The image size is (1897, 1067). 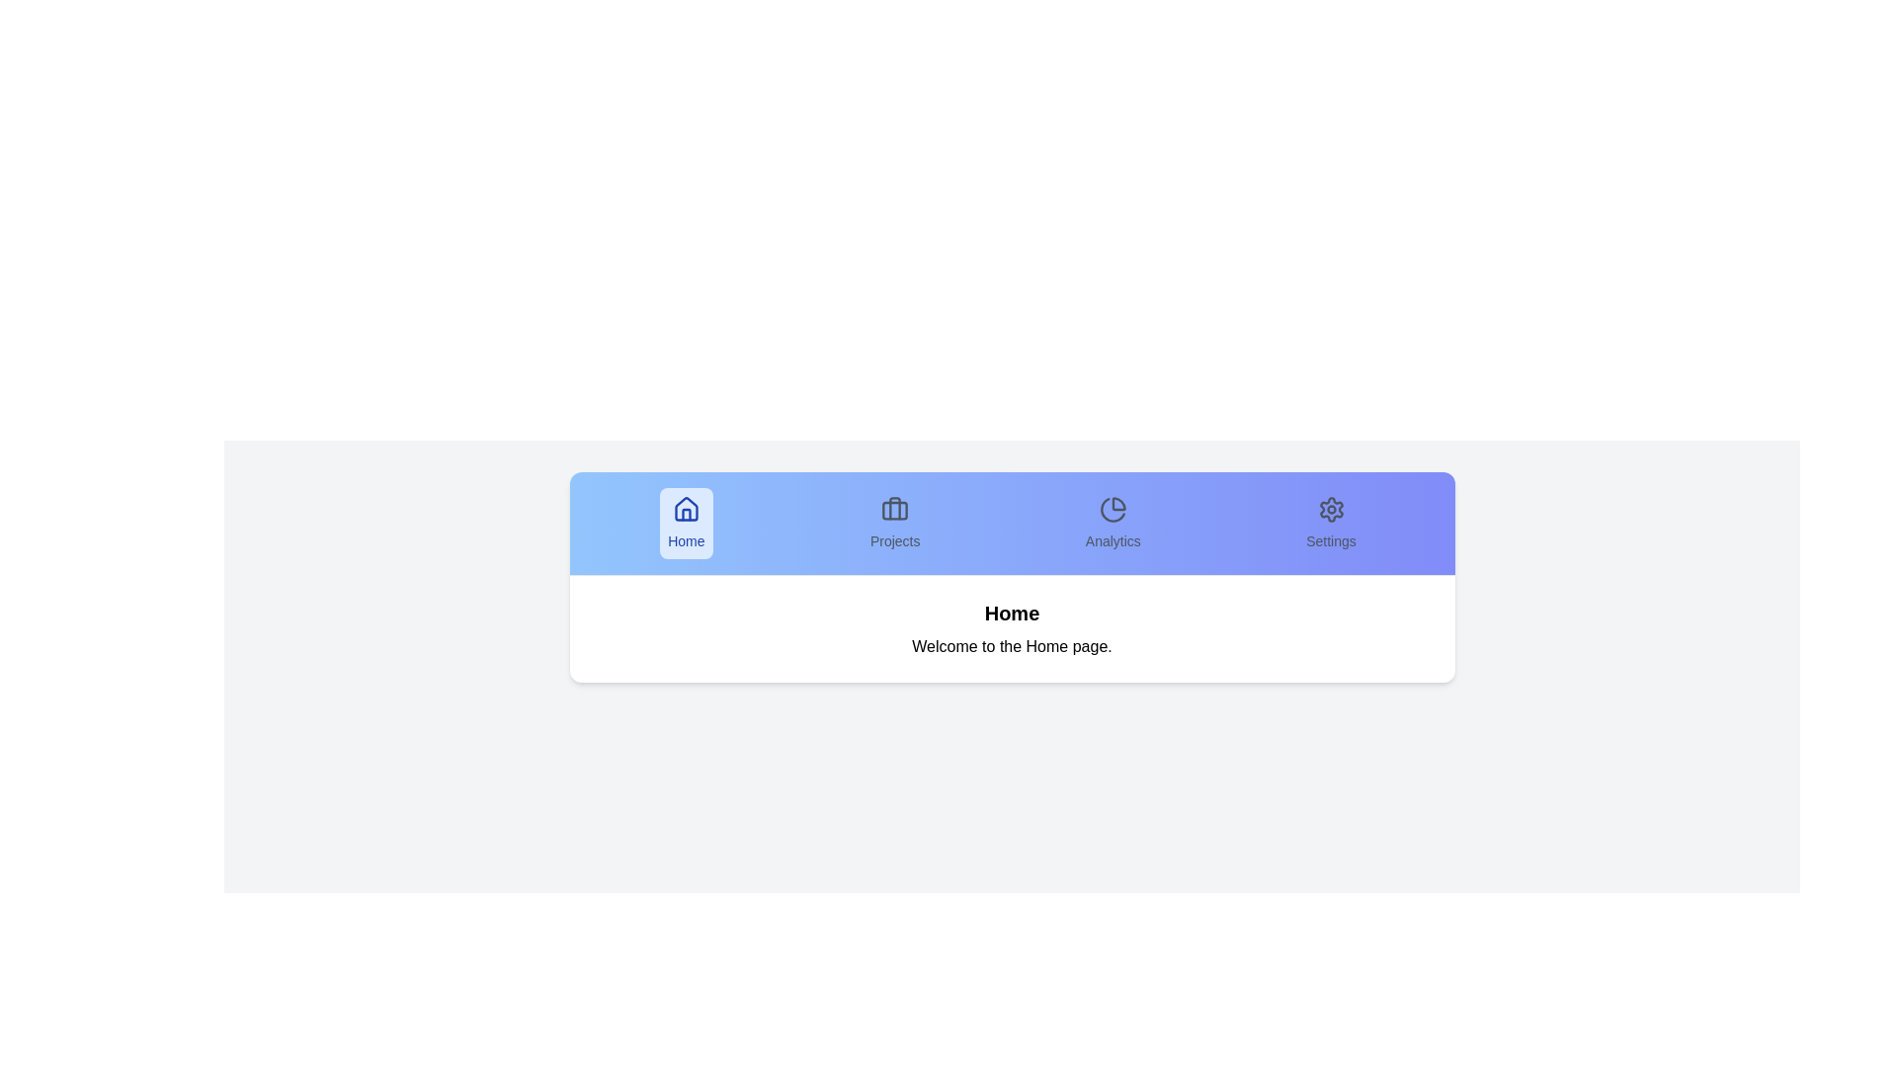 What do you see at coordinates (894, 522) in the screenshot?
I see `the tab labeled Projects to switch to that tab` at bounding box center [894, 522].